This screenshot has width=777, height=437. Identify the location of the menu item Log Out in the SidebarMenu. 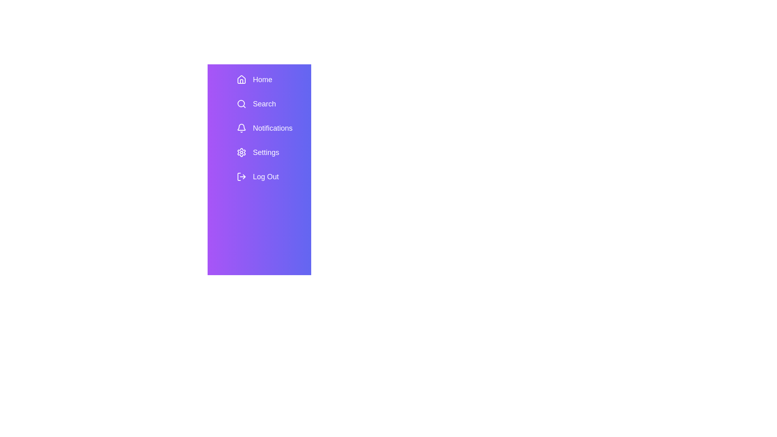
(270, 176).